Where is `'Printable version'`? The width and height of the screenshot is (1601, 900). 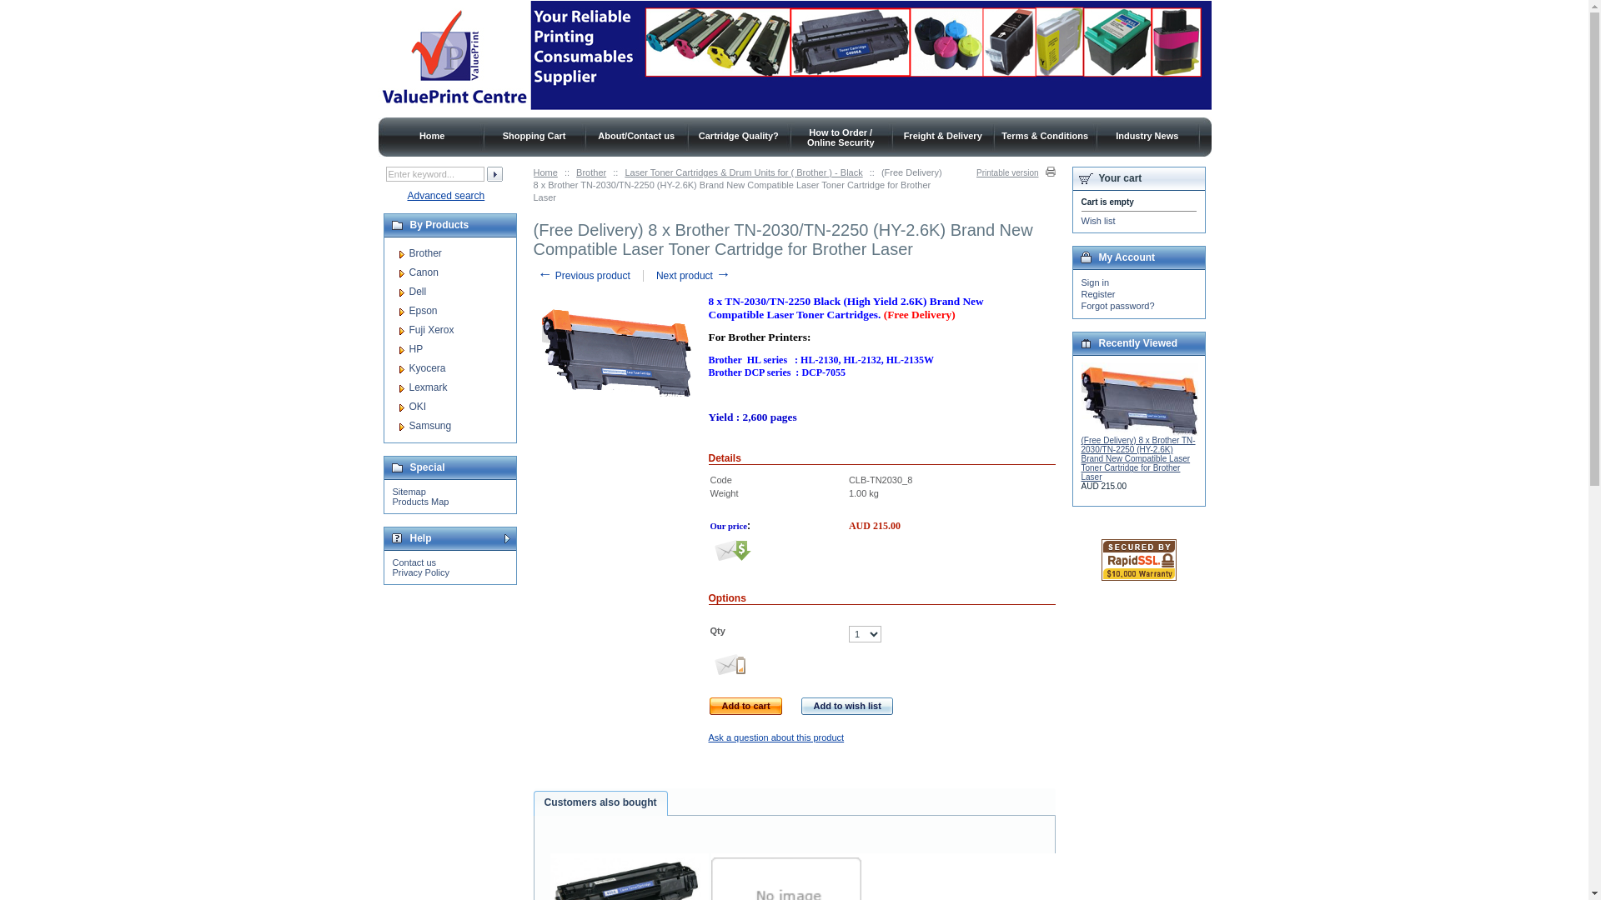
'Printable version' is located at coordinates (1015, 172).